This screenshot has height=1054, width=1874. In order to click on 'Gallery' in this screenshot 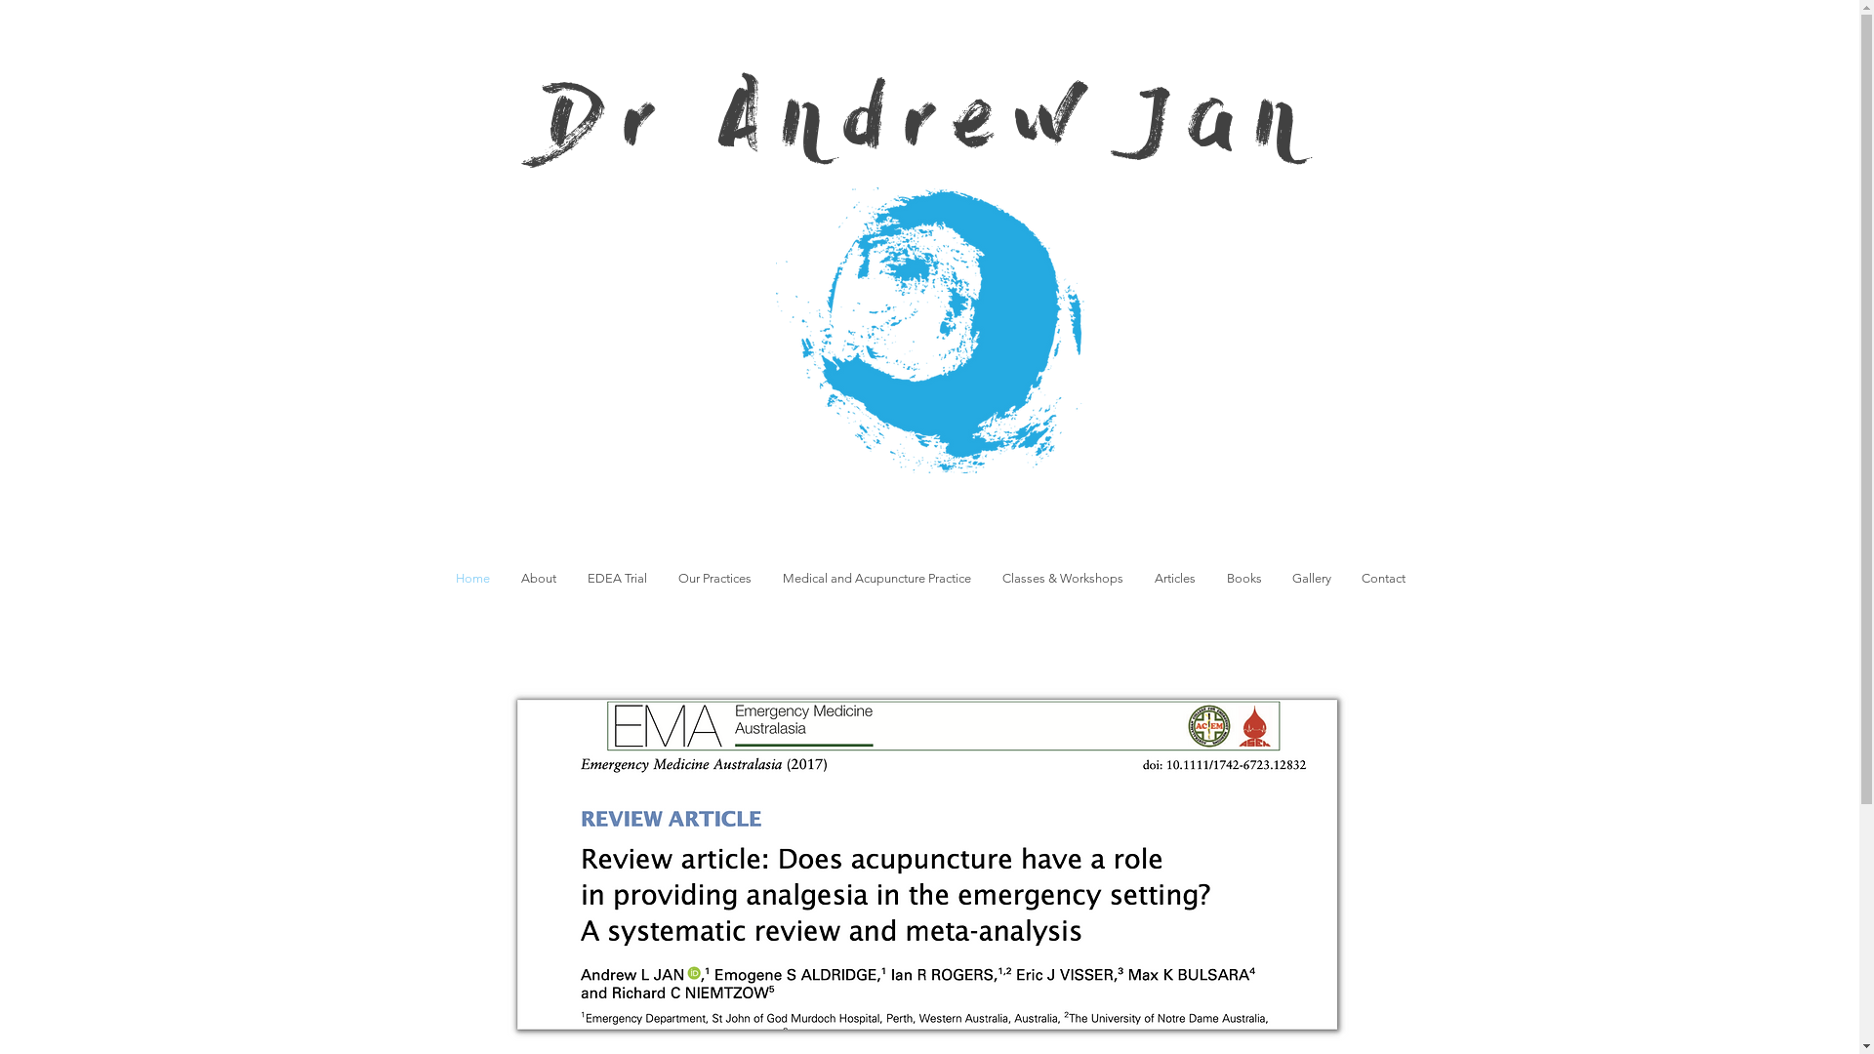, I will do `click(1311, 577)`.